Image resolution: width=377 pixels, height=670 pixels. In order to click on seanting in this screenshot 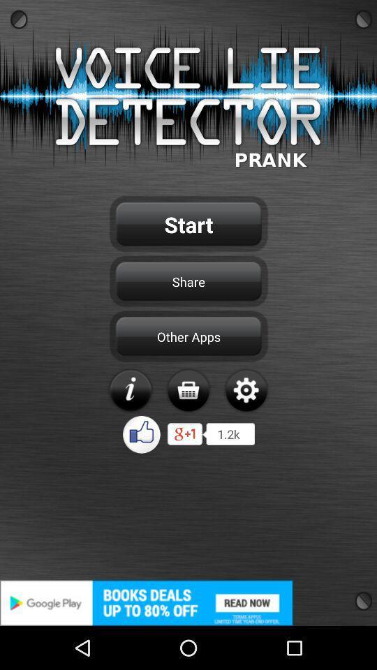, I will do `click(245, 390)`.